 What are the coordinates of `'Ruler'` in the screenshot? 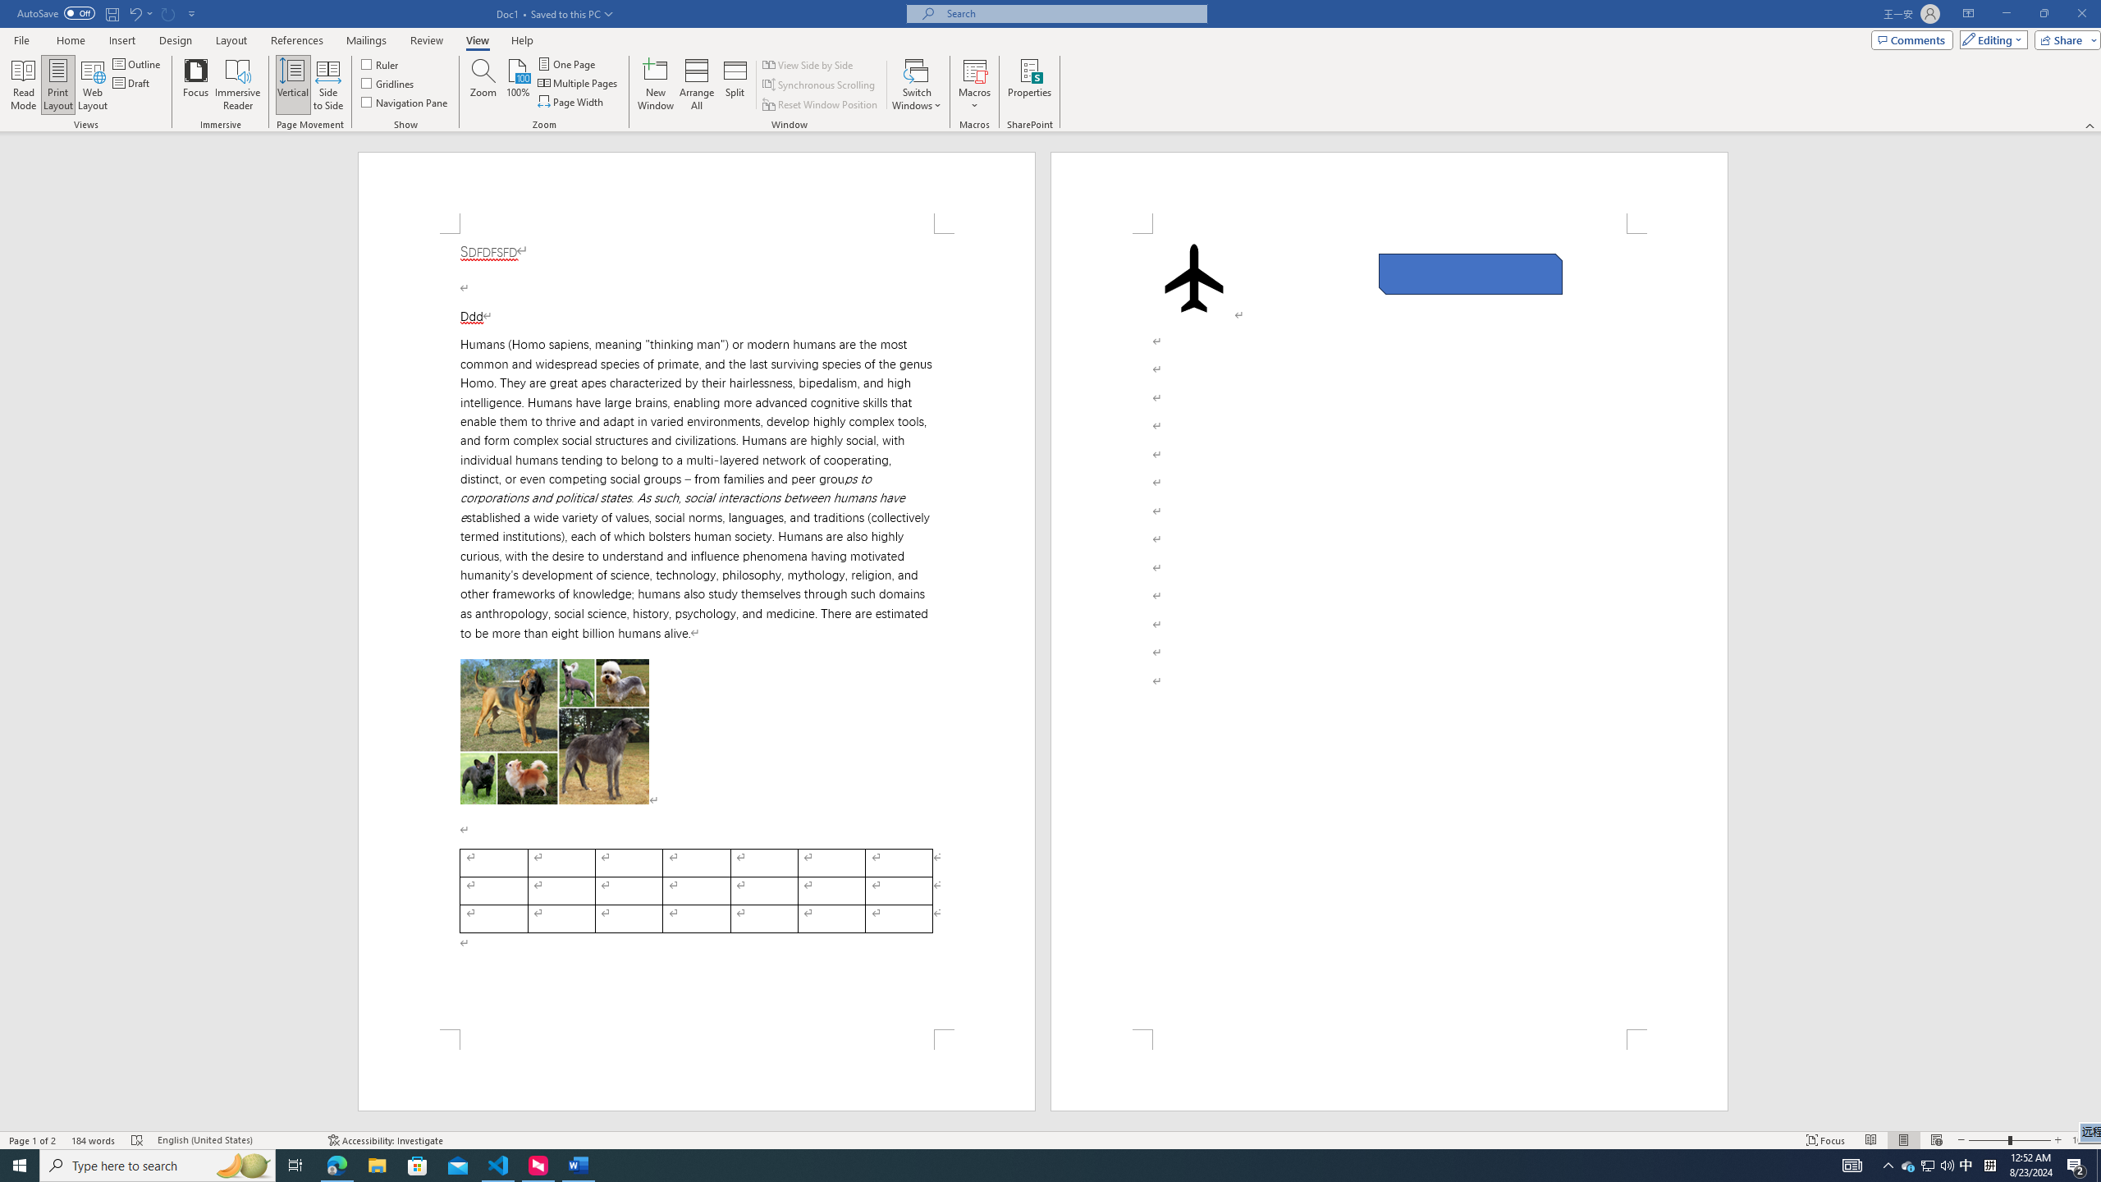 It's located at (381, 63).